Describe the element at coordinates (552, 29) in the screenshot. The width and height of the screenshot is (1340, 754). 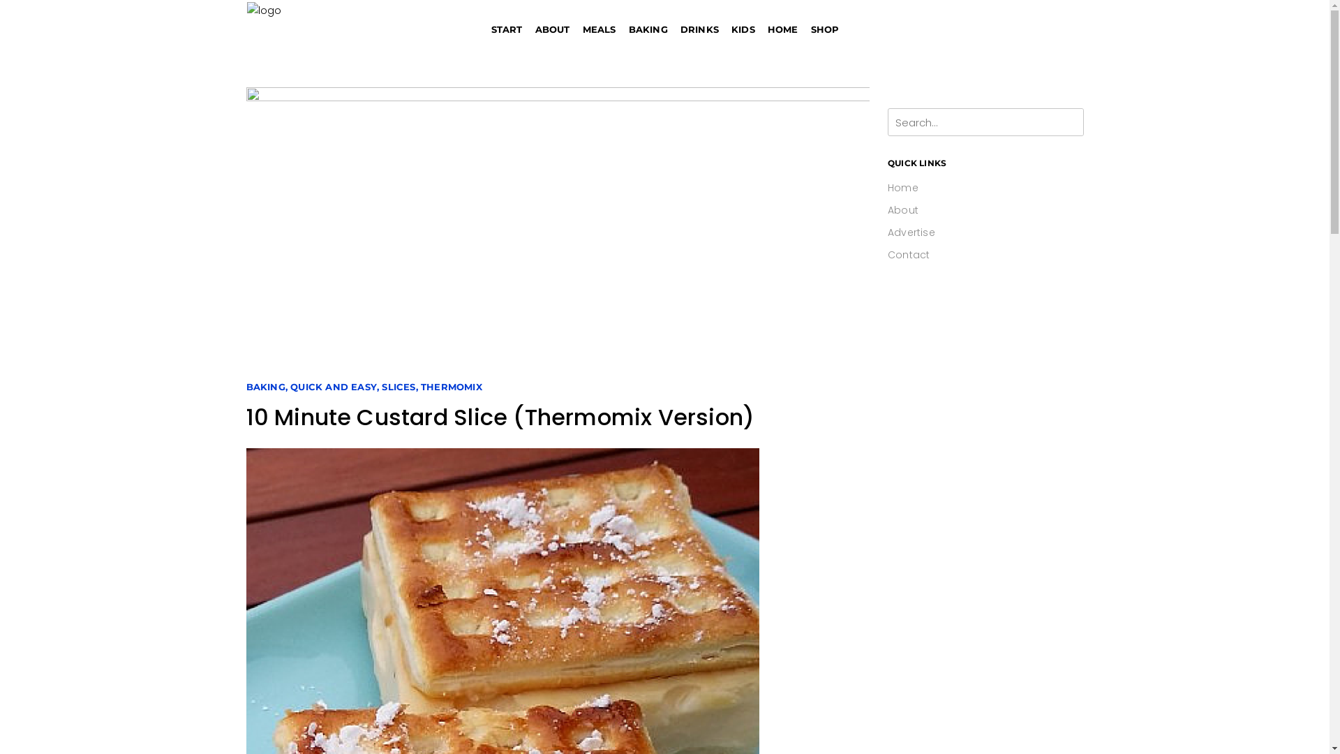
I see `'ABOUT'` at that location.